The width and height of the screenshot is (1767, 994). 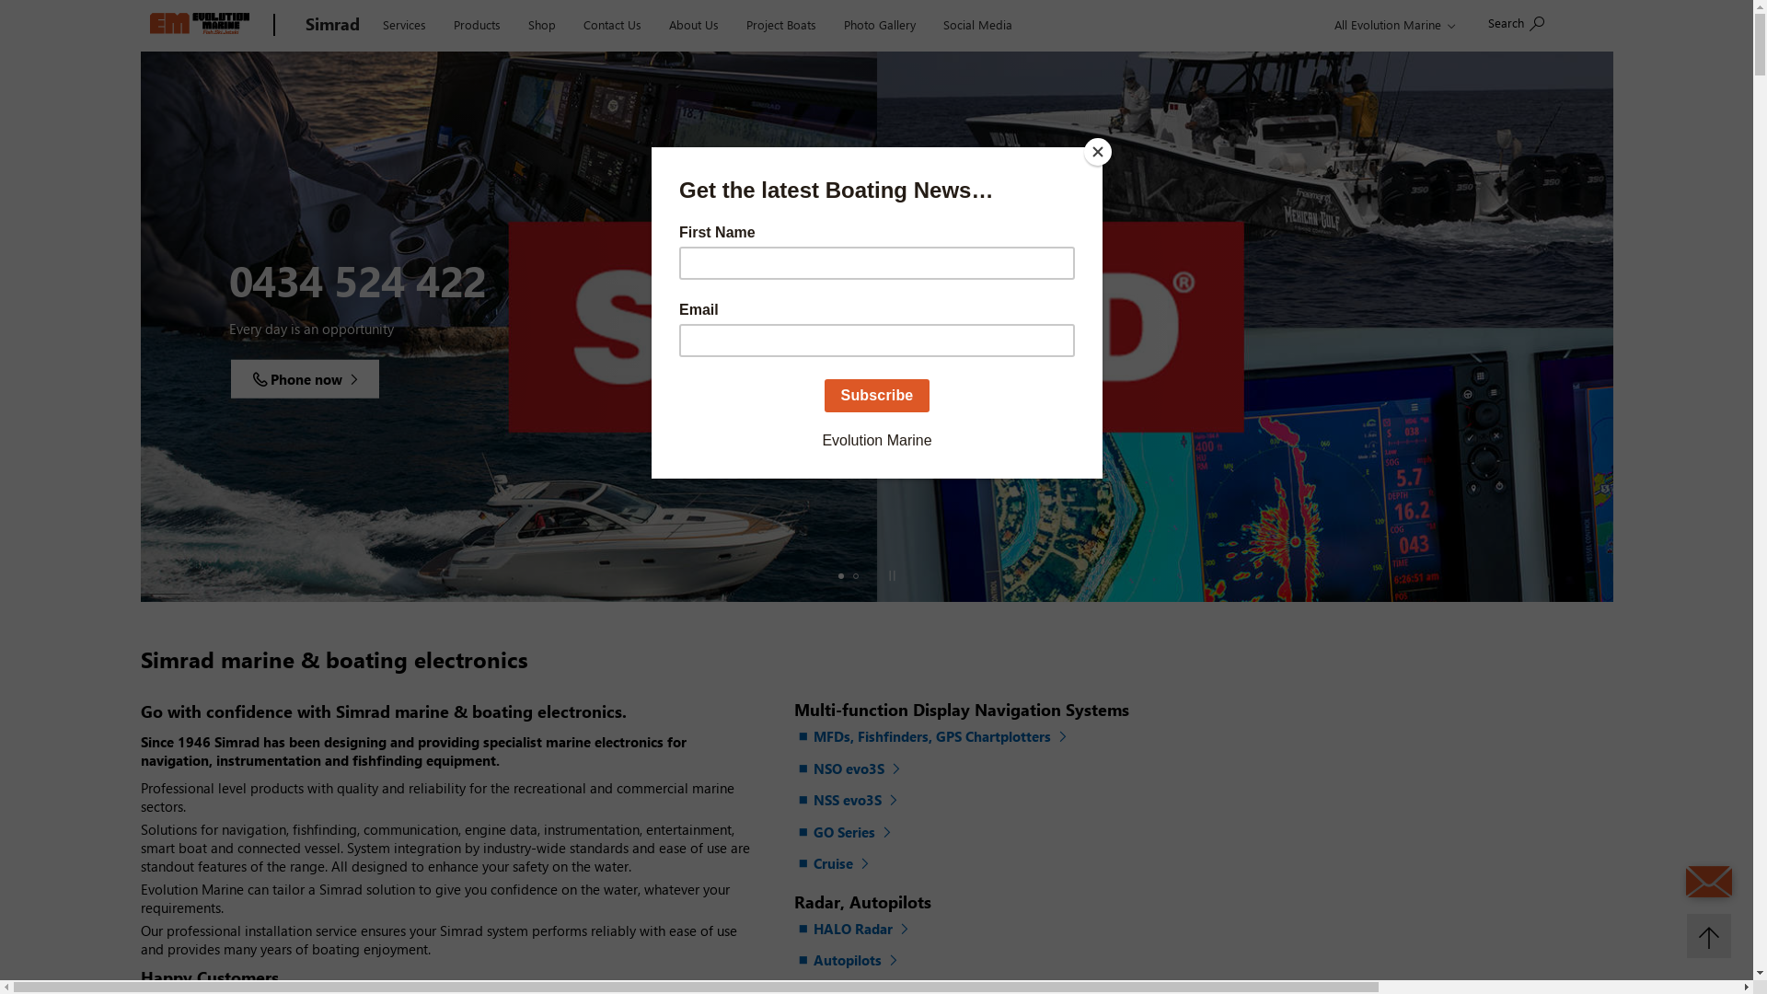 What do you see at coordinates (833, 864) in the screenshot?
I see `'Cruise'` at bounding box center [833, 864].